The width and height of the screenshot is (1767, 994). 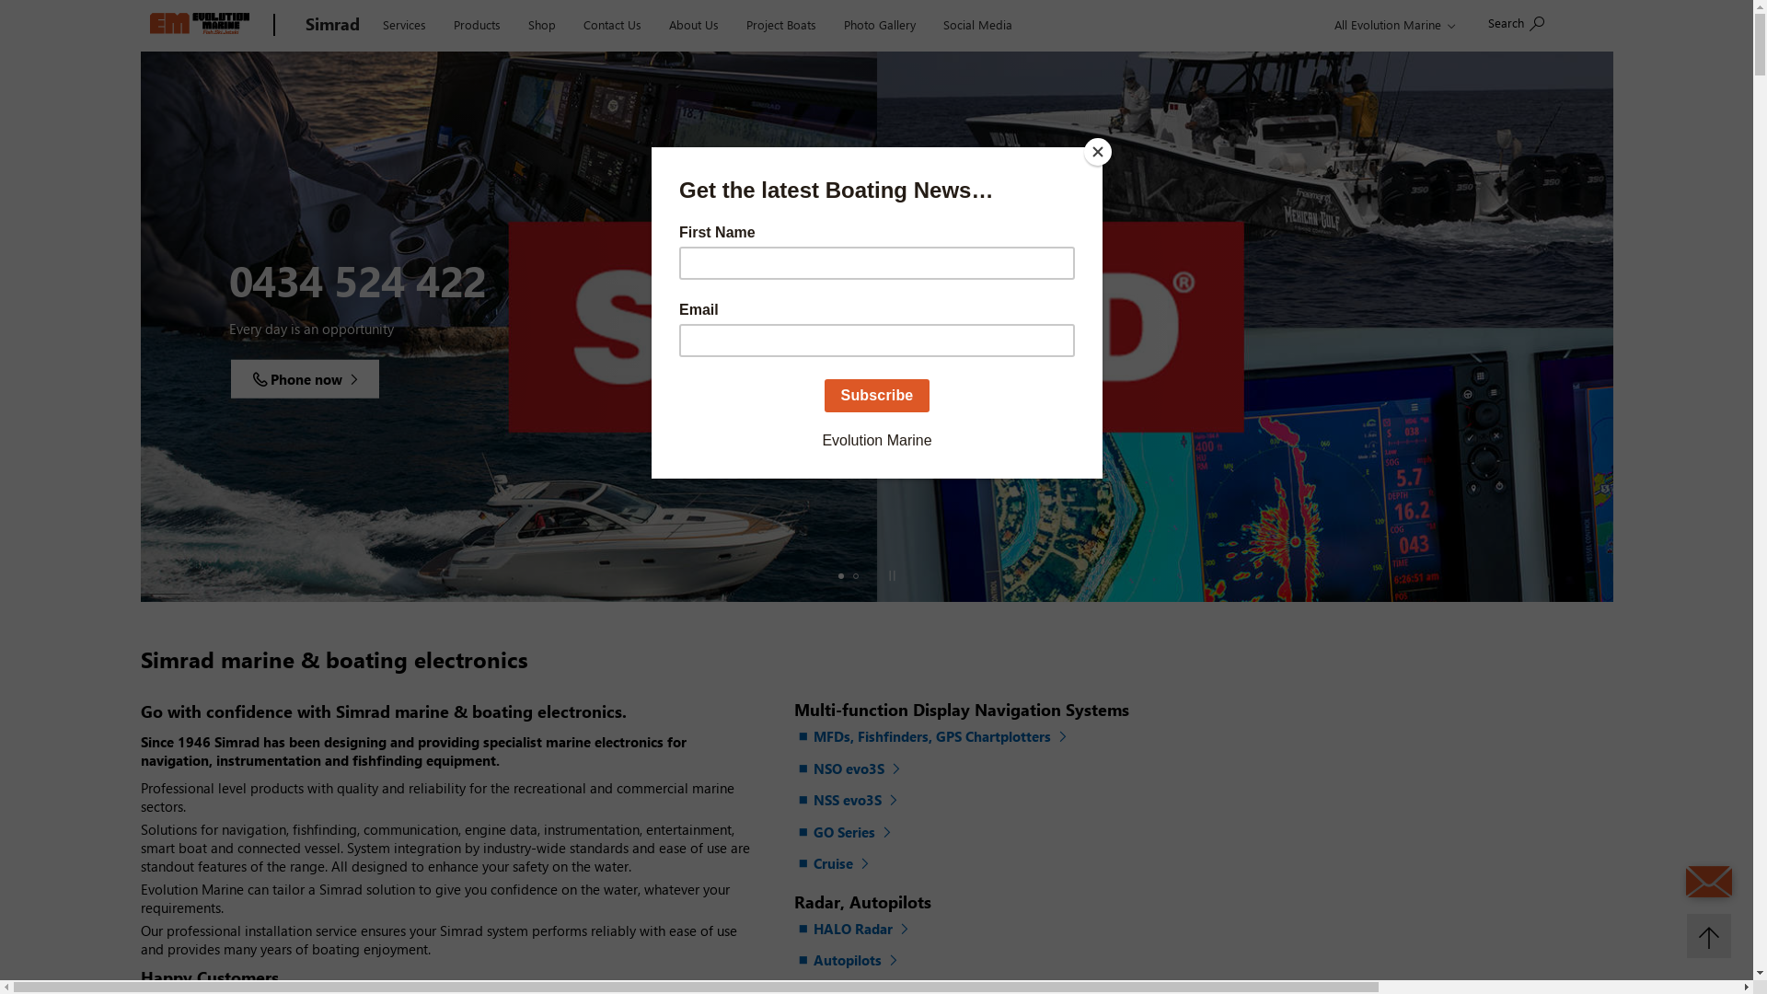 What do you see at coordinates (833, 864) in the screenshot?
I see `'Cruise'` at bounding box center [833, 864].